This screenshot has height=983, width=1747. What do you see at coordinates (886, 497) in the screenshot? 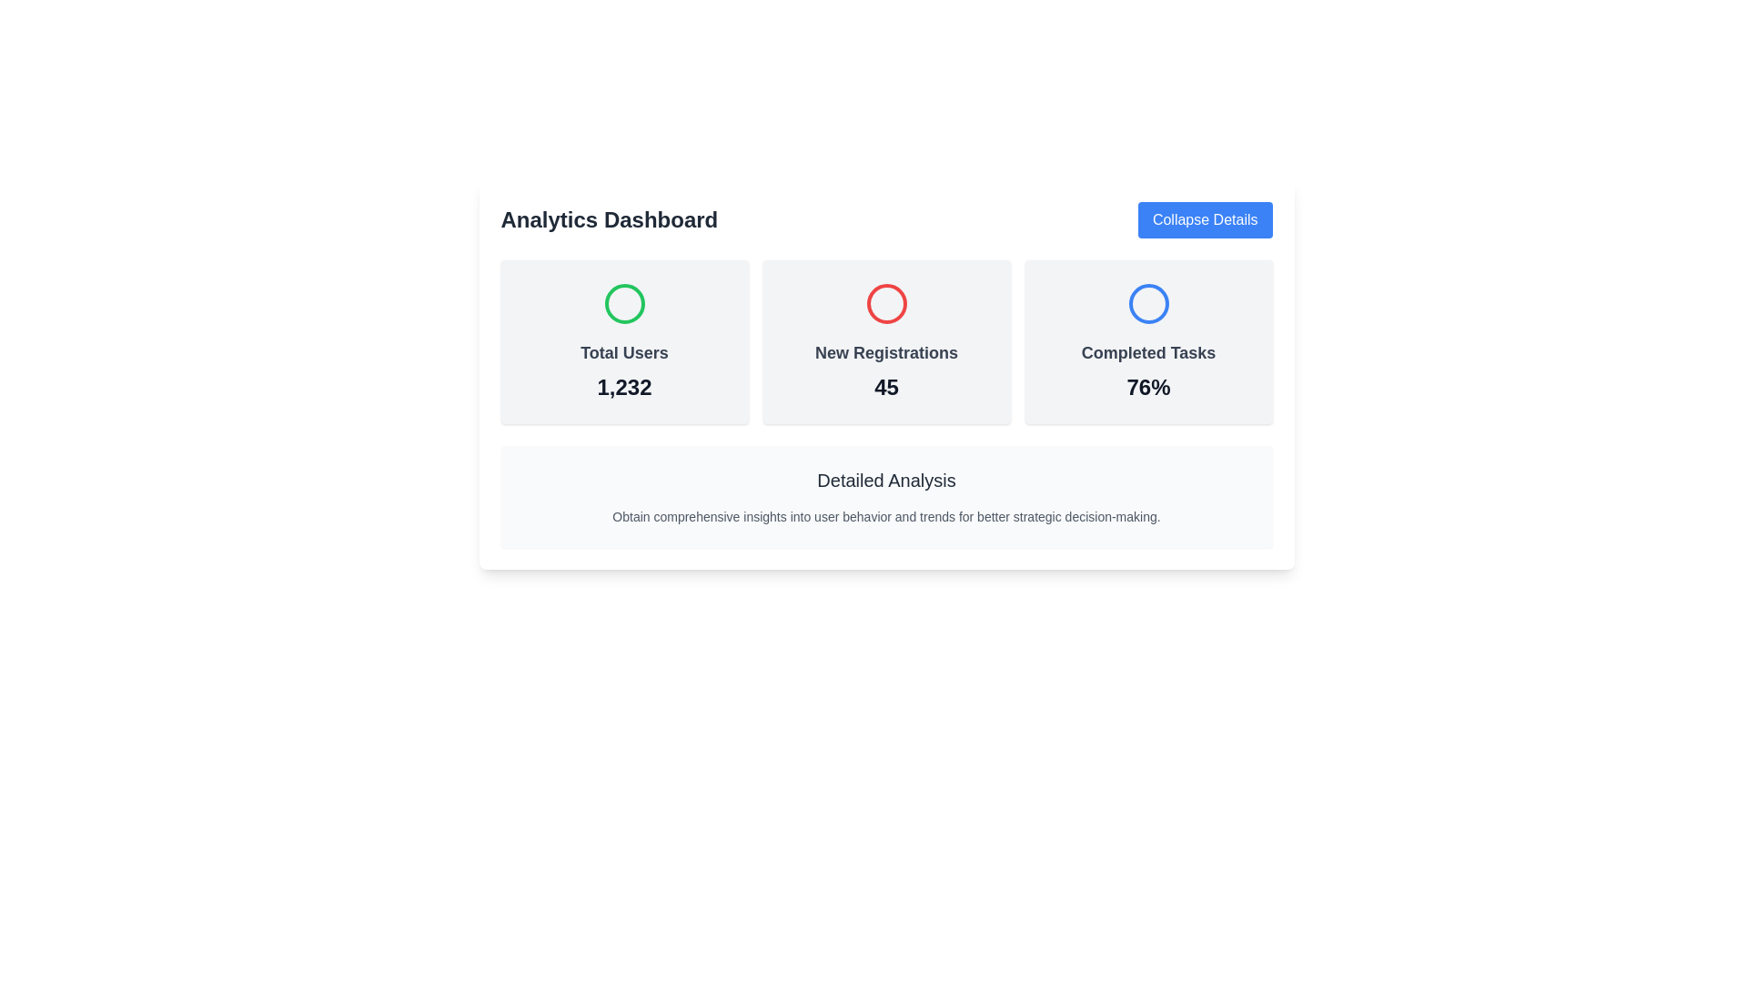
I see `the Informational Content Box displaying 'Detailed Analysis' and user behavior trends located below the statistics boxes in the Analytics Dashboard` at bounding box center [886, 497].